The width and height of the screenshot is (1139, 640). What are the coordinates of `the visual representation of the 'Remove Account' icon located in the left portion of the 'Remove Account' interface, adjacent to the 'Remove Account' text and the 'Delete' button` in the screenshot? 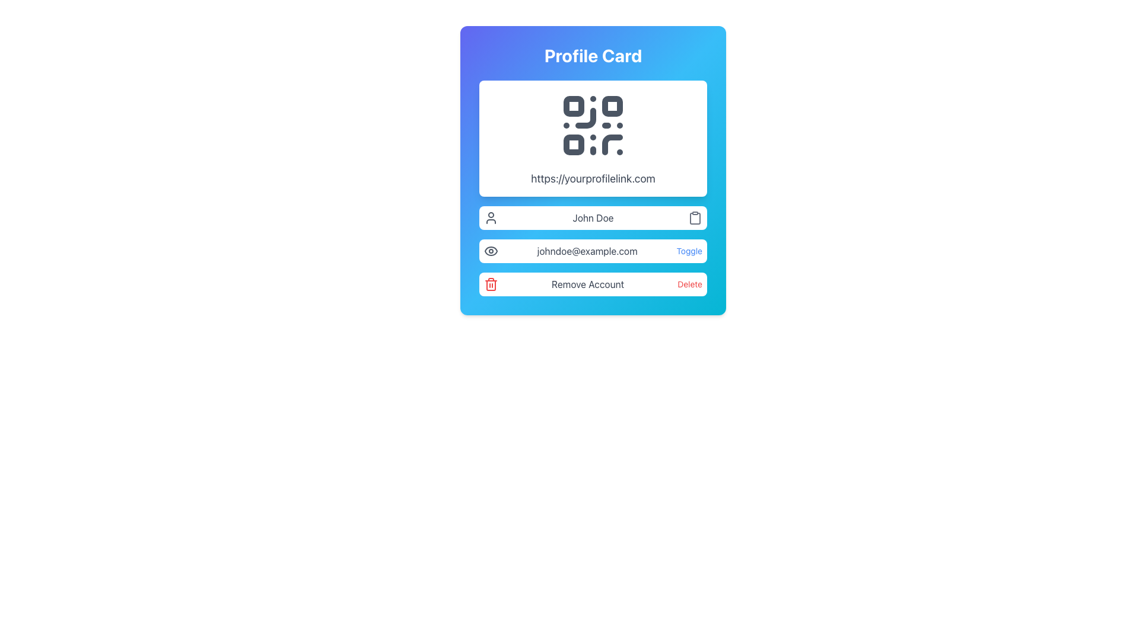 It's located at (491, 284).